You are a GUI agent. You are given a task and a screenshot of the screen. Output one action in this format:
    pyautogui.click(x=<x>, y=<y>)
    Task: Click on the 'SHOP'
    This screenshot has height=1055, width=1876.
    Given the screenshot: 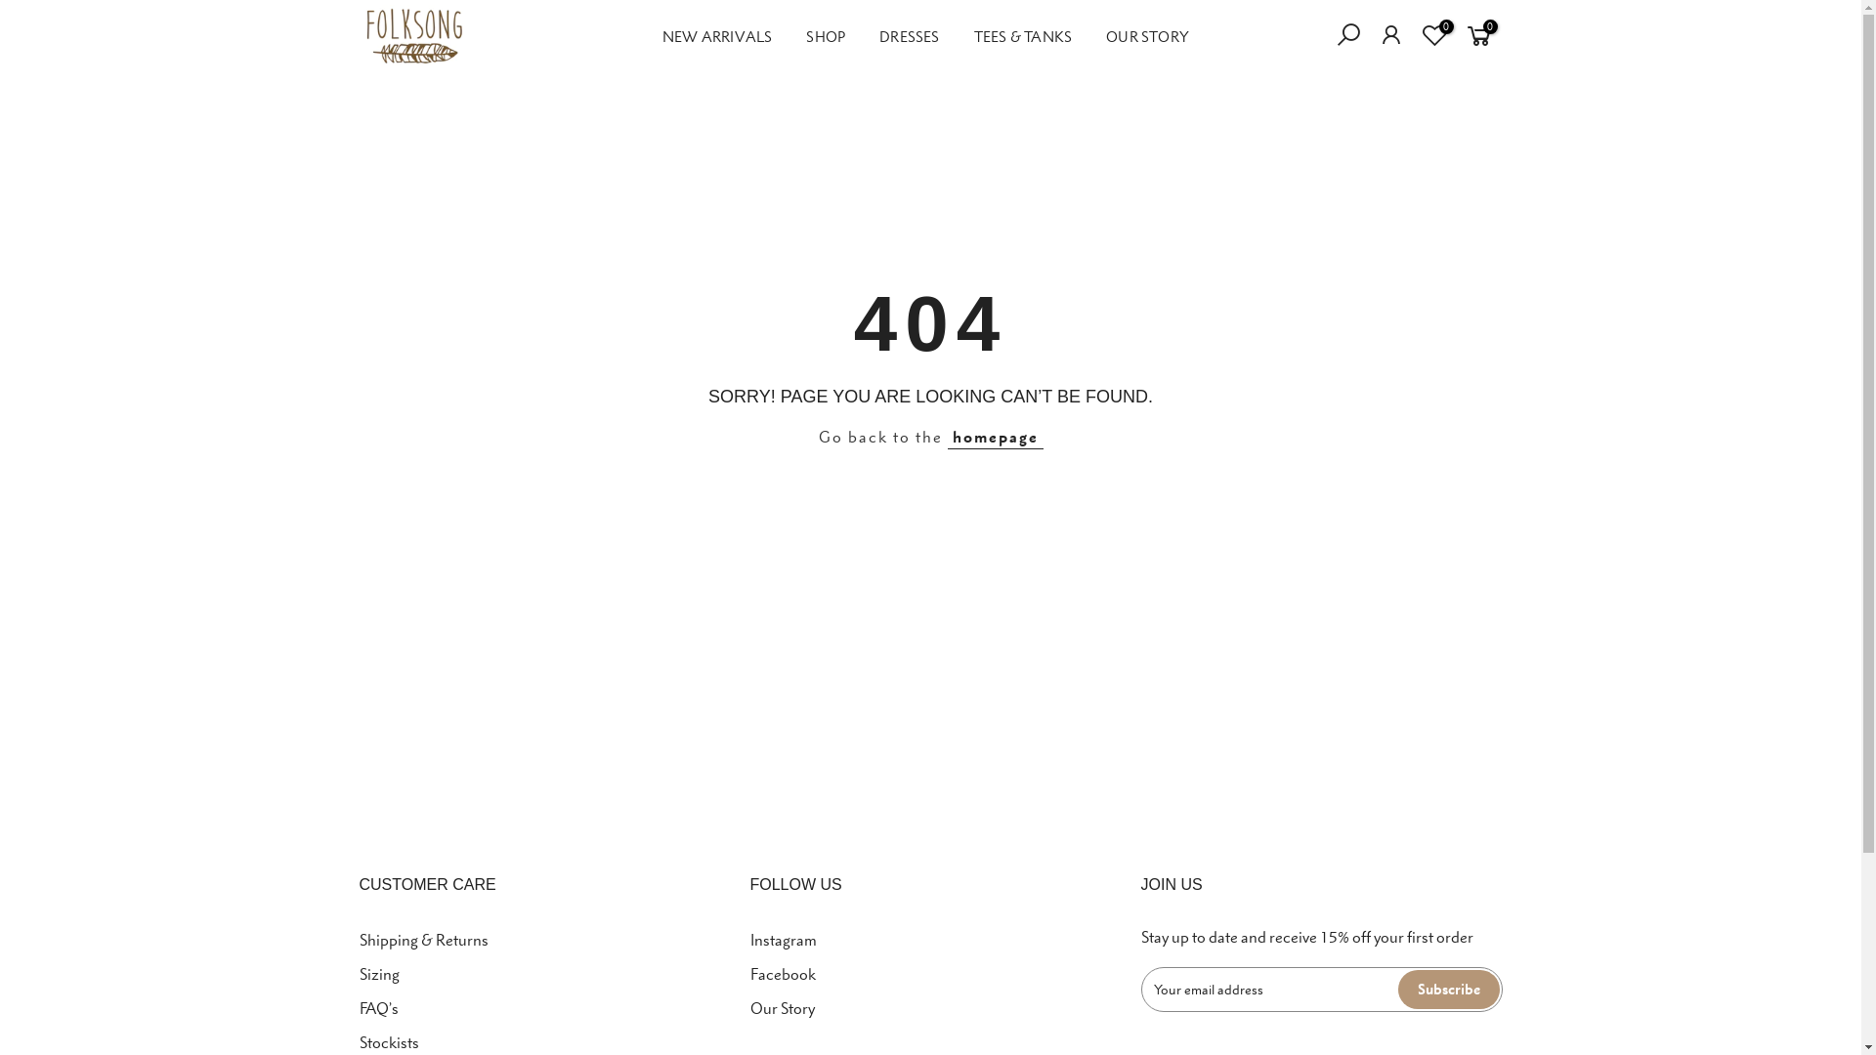 What is the action you would take?
    pyautogui.click(x=826, y=36)
    